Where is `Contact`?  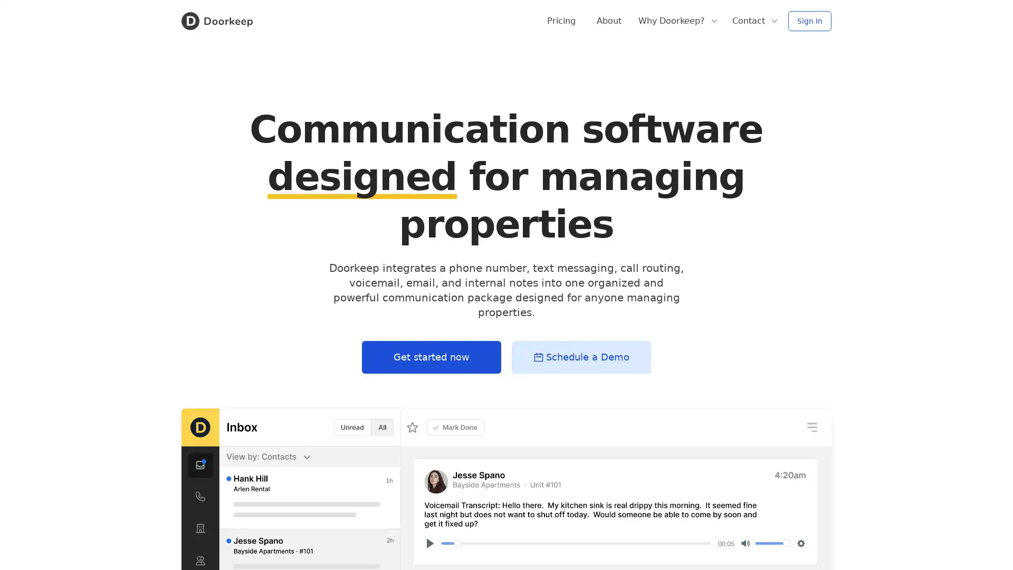 Contact is located at coordinates (756, 21).